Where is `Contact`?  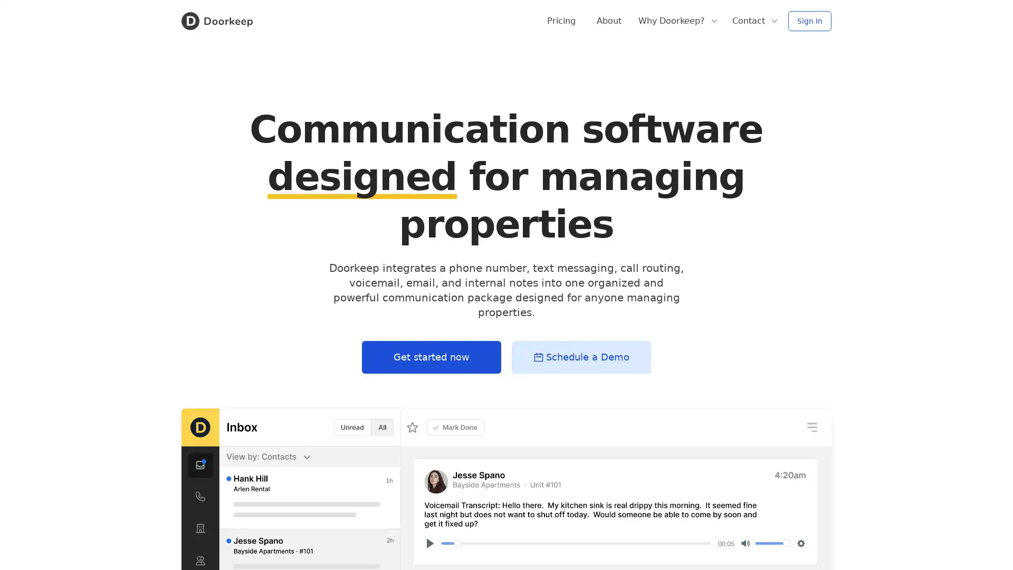 Contact is located at coordinates (756, 21).